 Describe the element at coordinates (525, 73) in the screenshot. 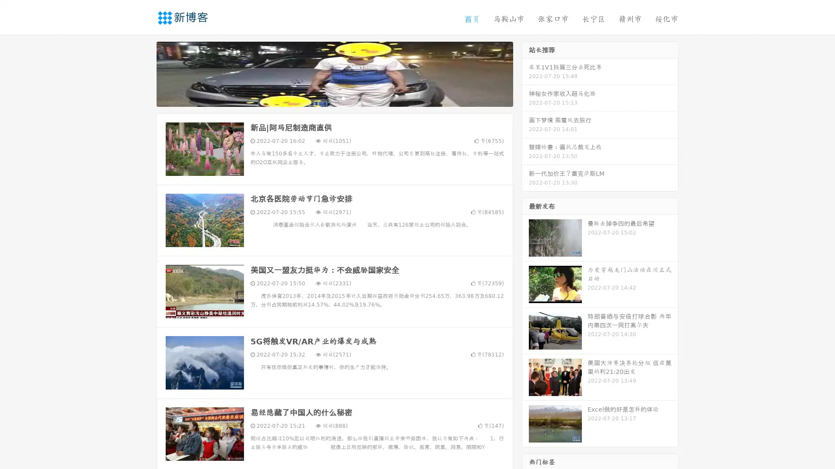

I see `Next slide` at that location.